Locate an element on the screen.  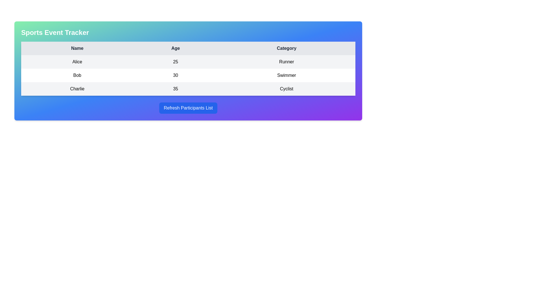
value from the table cell displaying the age entry '25', which is located in the second column of the first row, between 'Name' and 'Category' is located at coordinates (175, 62).